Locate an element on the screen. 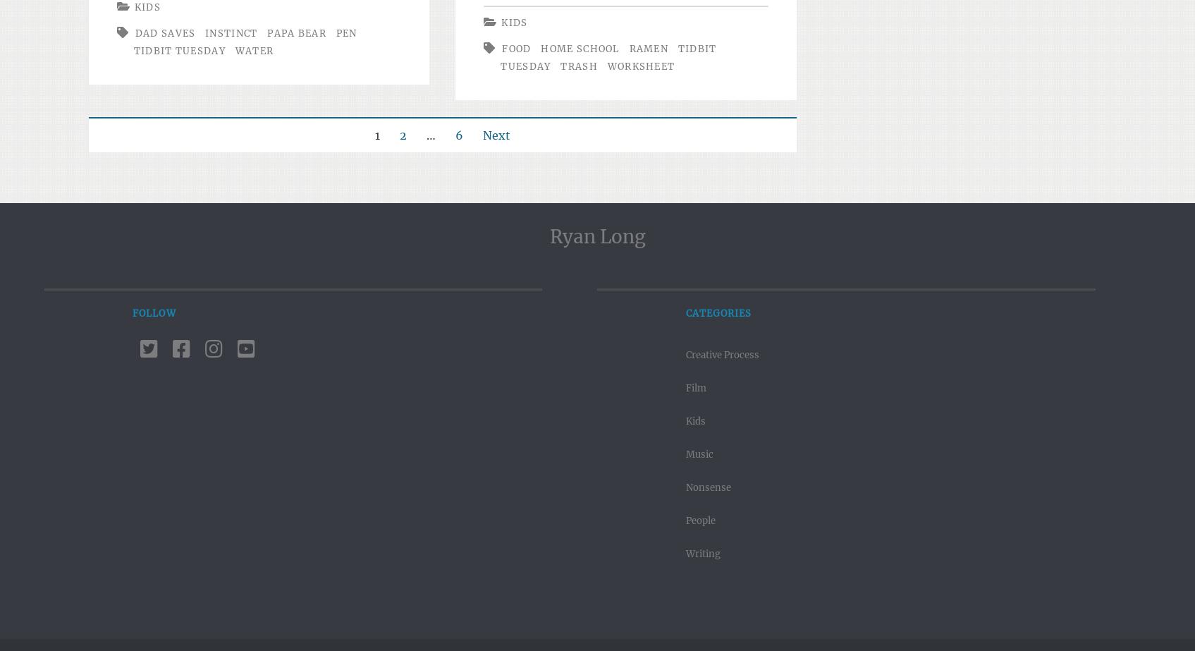 The width and height of the screenshot is (1195, 651). 'Writing' is located at coordinates (702, 553).